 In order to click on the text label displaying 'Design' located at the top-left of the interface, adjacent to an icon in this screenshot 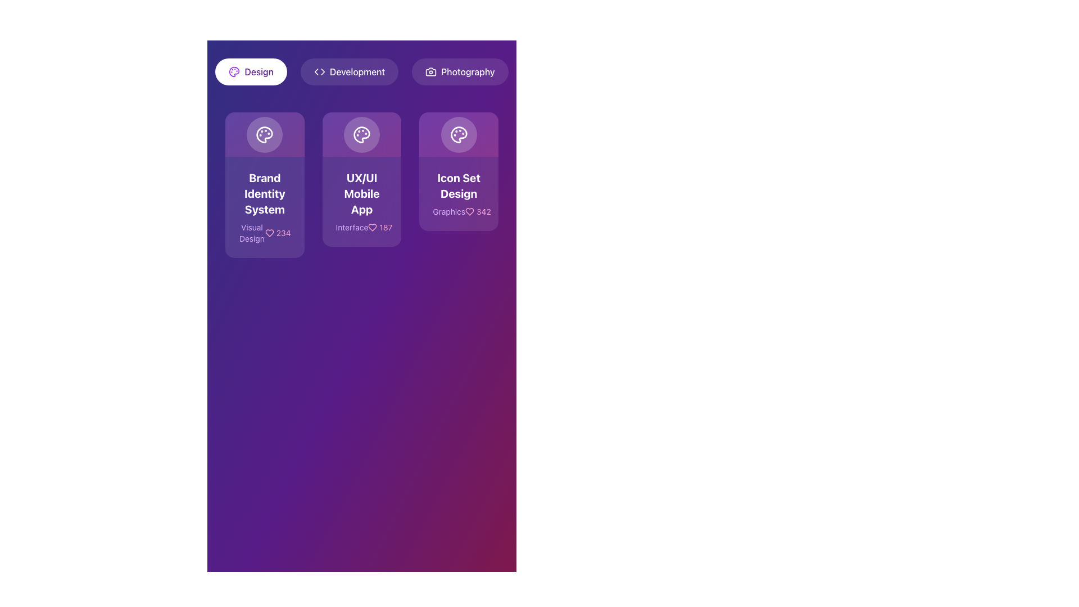, I will do `click(259, 71)`.